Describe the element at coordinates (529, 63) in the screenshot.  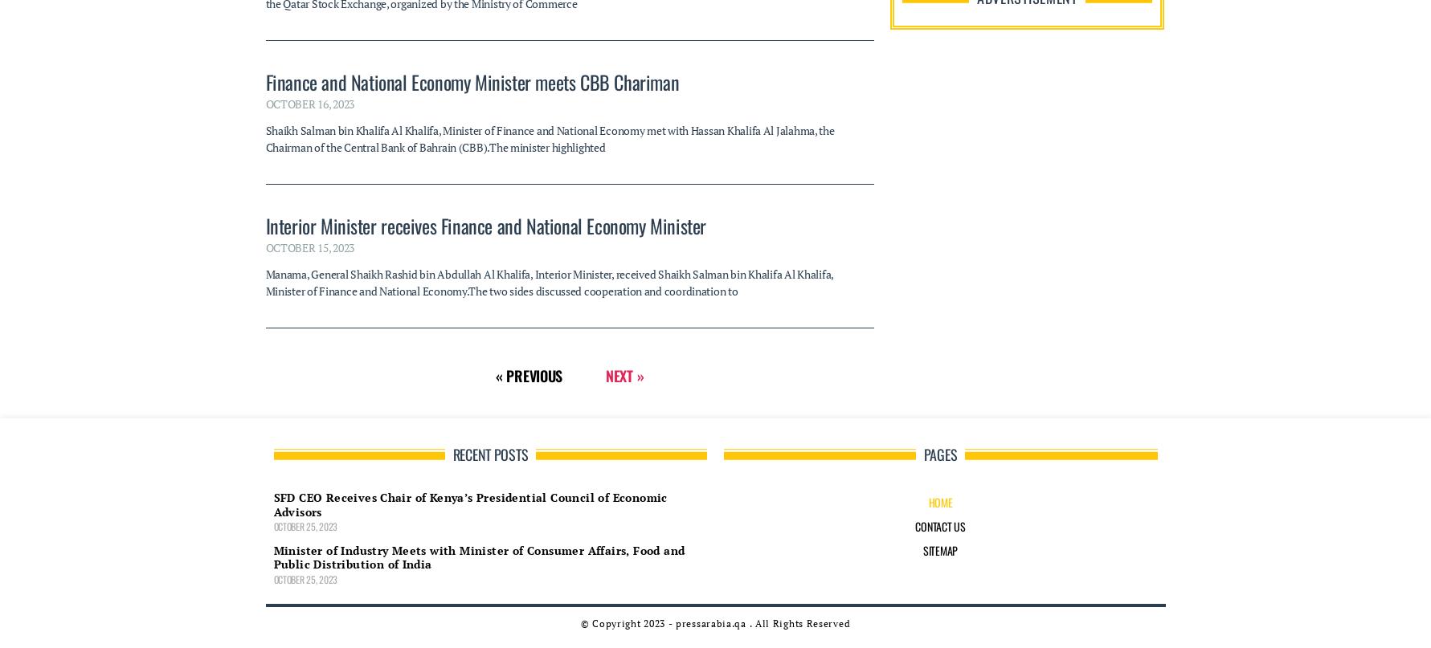
I see `'« Previous'` at that location.